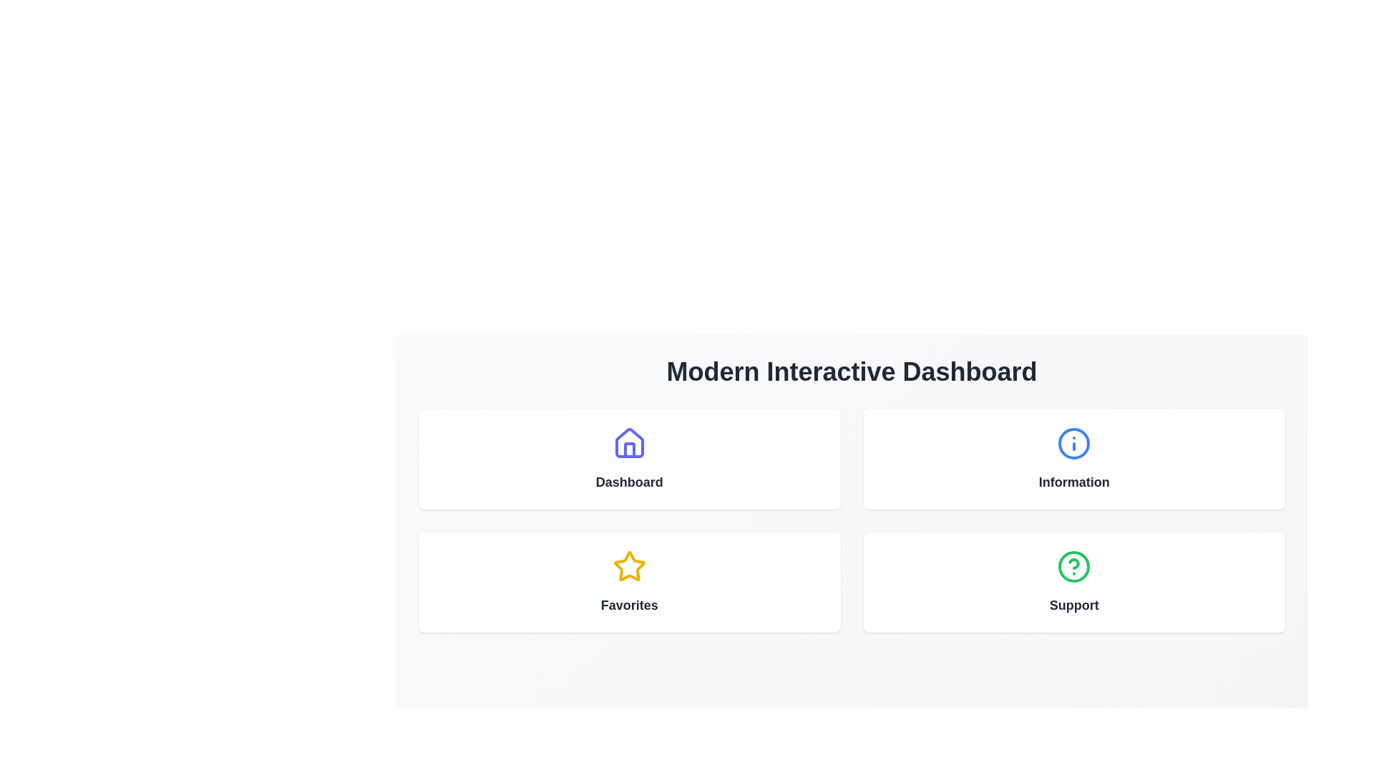 This screenshot has height=773, width=1374. What do you see at coordinates (629, 582) in the screenshot?
I see `the Informational Card element labeled 'Favorites', which is the third card in a 2x2 grid layout` at bounding box center [629, 582].